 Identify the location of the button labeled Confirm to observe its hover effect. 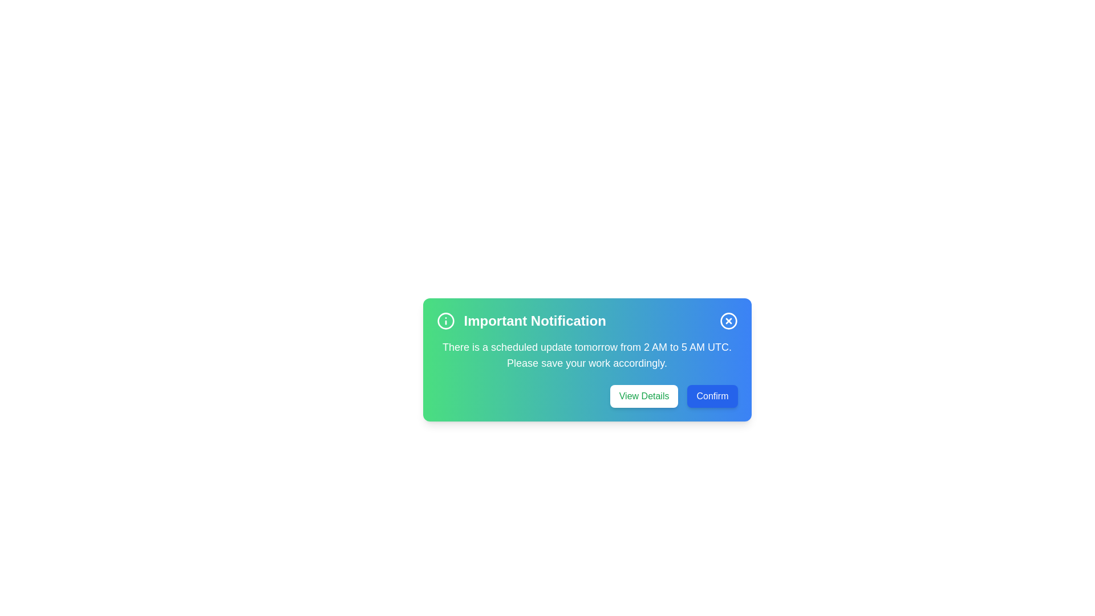
(712, 395).